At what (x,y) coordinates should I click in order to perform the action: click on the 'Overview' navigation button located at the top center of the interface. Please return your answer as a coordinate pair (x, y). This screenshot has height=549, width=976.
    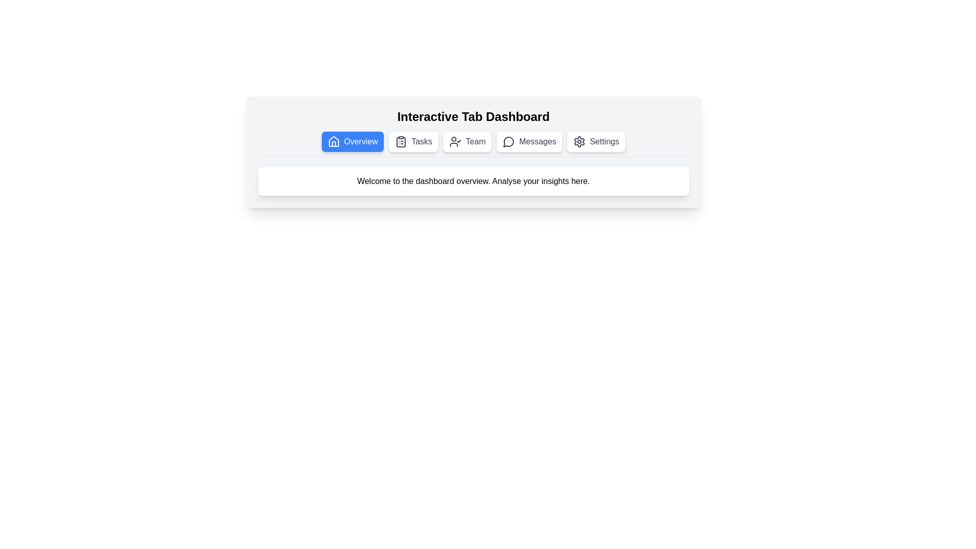
    Looking at the image, I should click on (353, 141).